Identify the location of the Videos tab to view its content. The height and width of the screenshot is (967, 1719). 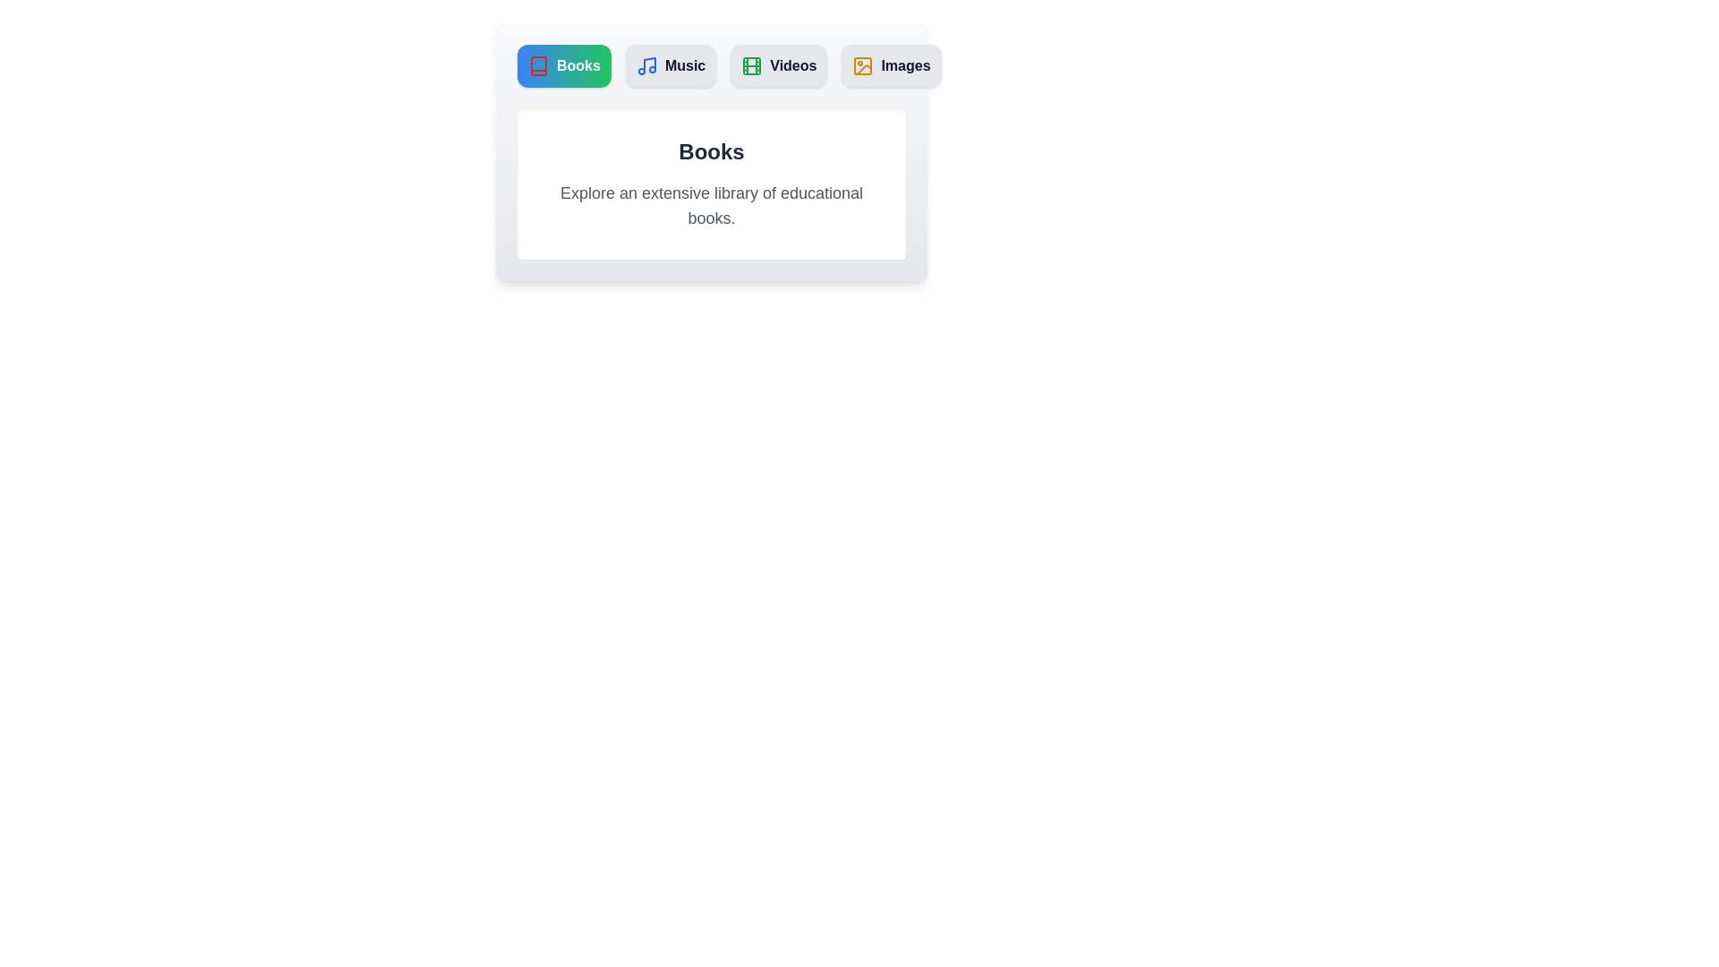
(779, 64).